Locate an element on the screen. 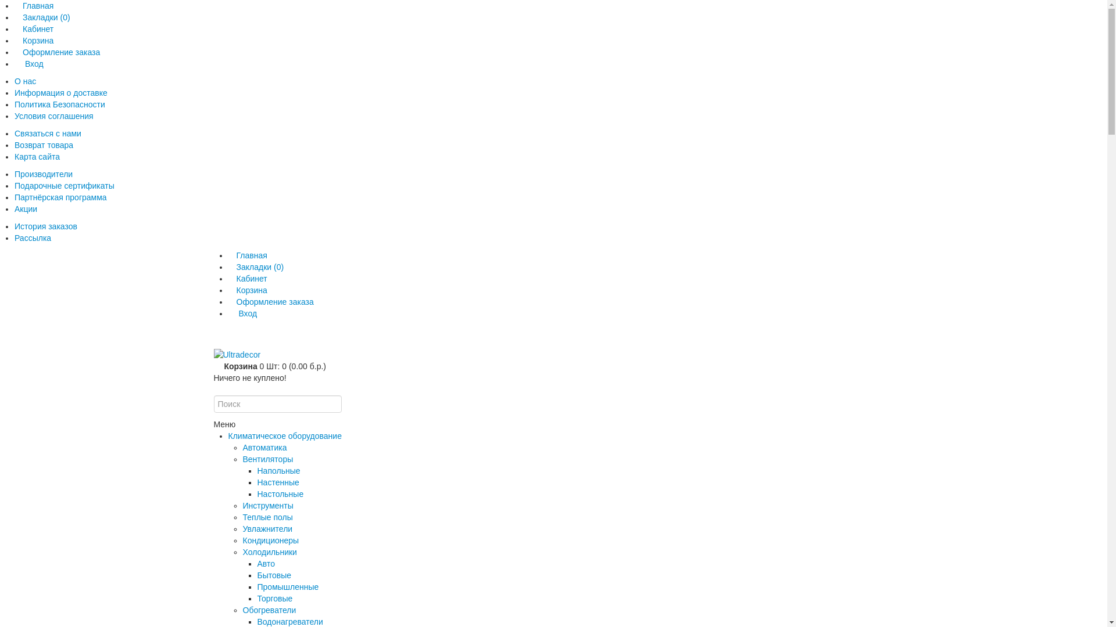 The image size is (1116, 627). 'Ultradecor' is located at coordinates (214, 354).